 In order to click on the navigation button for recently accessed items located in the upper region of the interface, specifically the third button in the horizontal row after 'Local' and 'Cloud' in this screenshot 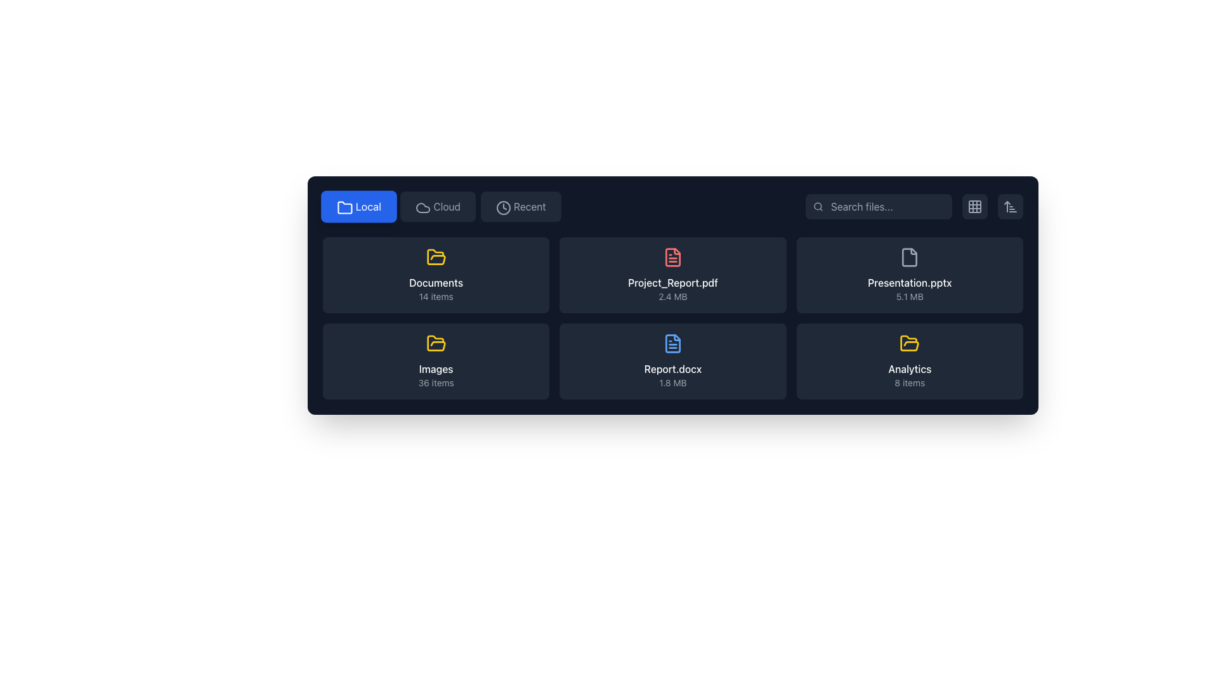, I will do `click(521, 206)`.